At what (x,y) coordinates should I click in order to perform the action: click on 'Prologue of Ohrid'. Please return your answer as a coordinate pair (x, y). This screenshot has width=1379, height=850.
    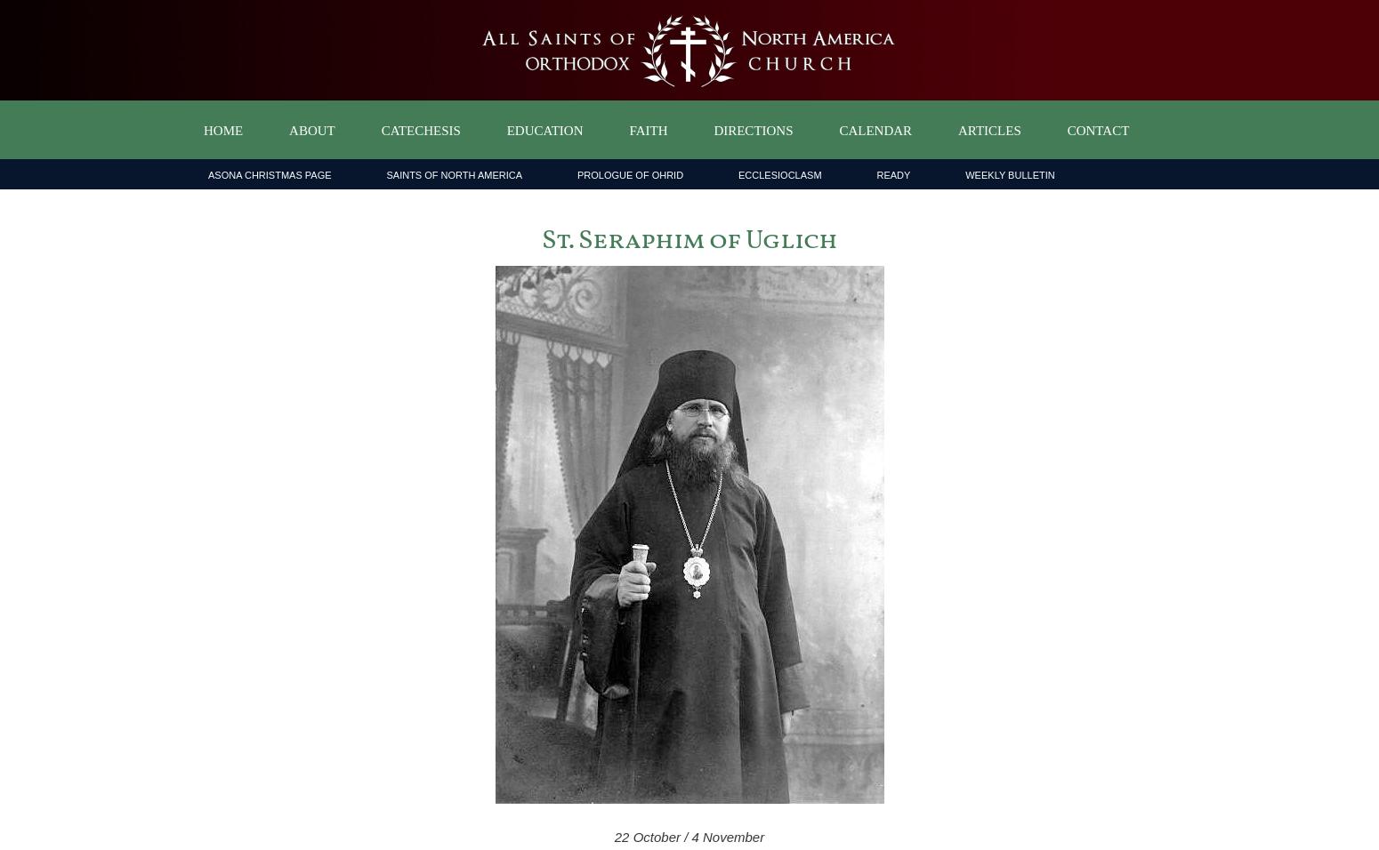
    Looking at the image, I should click on (630, 175).